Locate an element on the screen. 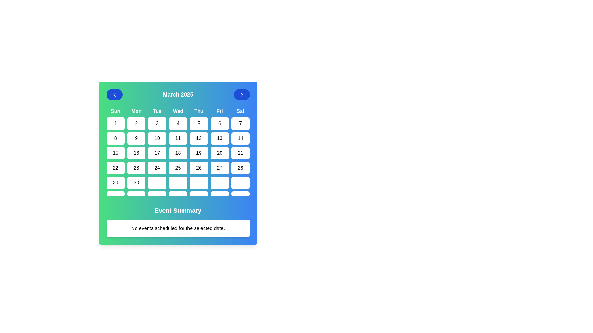 The height and width of the screenshot is (333, 593). the interactive calendar cell located in the last row and fifth column of the calendar grid is located at coordinates (199, 183).